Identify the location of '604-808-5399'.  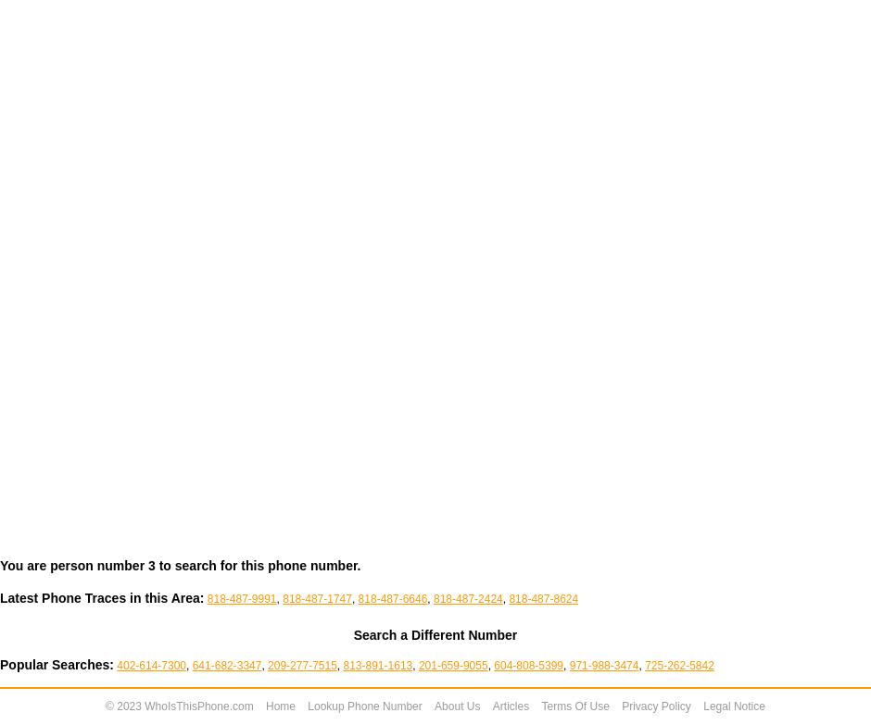
(528, 665).